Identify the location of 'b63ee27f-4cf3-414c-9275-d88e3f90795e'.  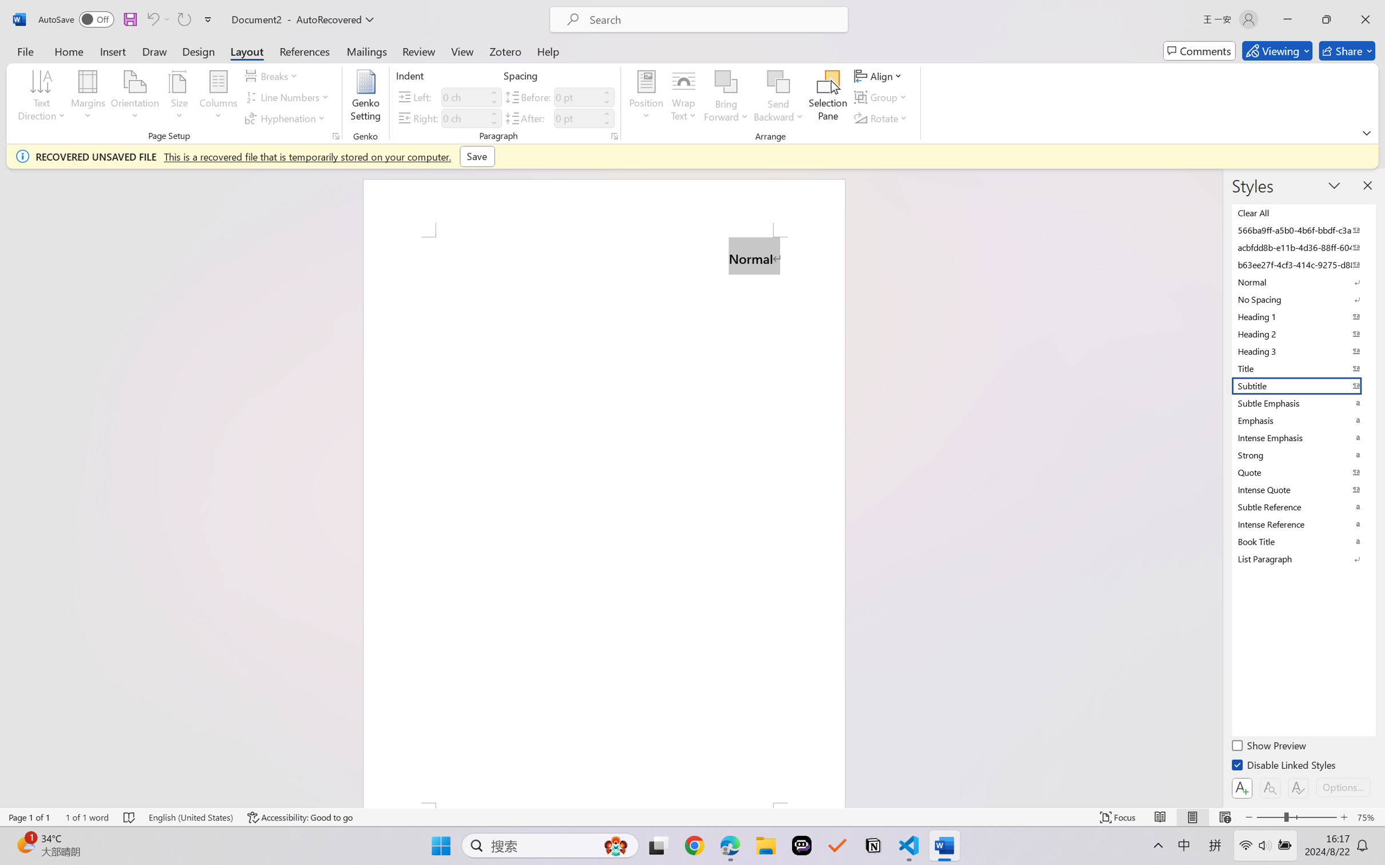
(1302, 264).